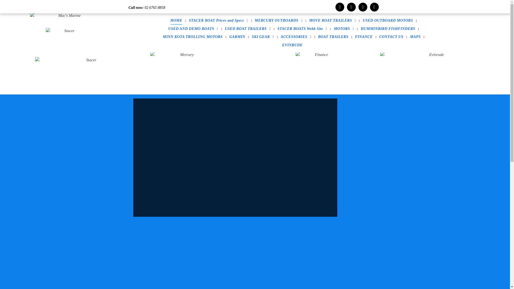  What do you see at coordinates (344, 29) in the screenshot?
I see `'MOTORS'` at bounding box center [344, 29].